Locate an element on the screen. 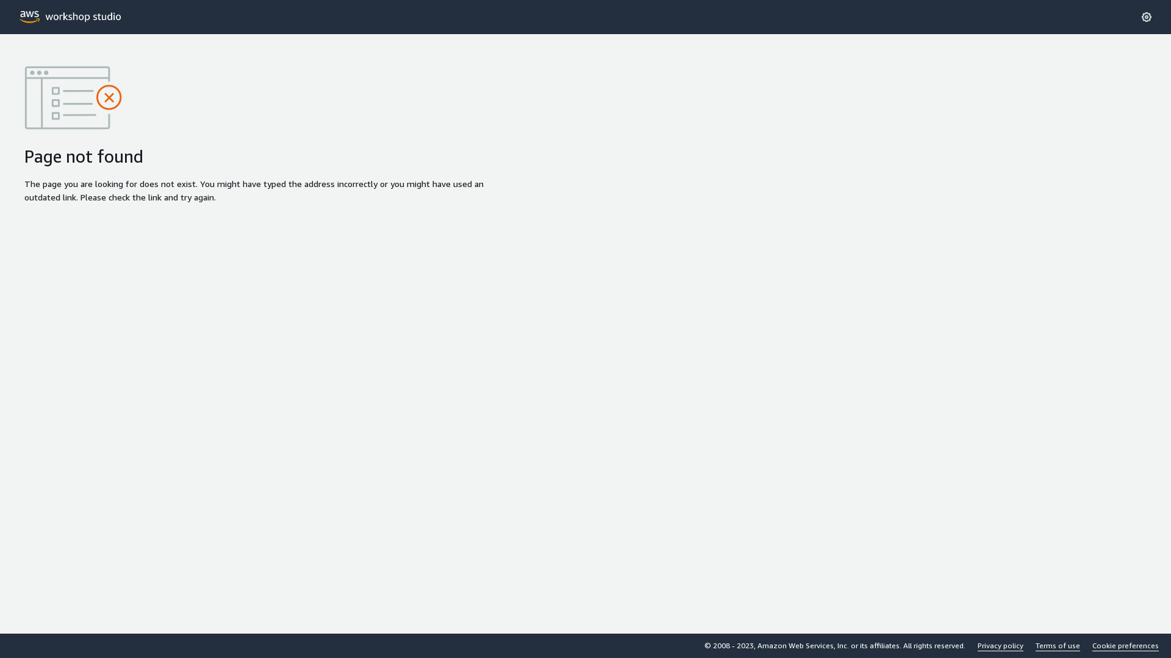 The height and width of the screenshot is (658, 1171). 'Cookie preferences' is located at coordinates (1092, 645).